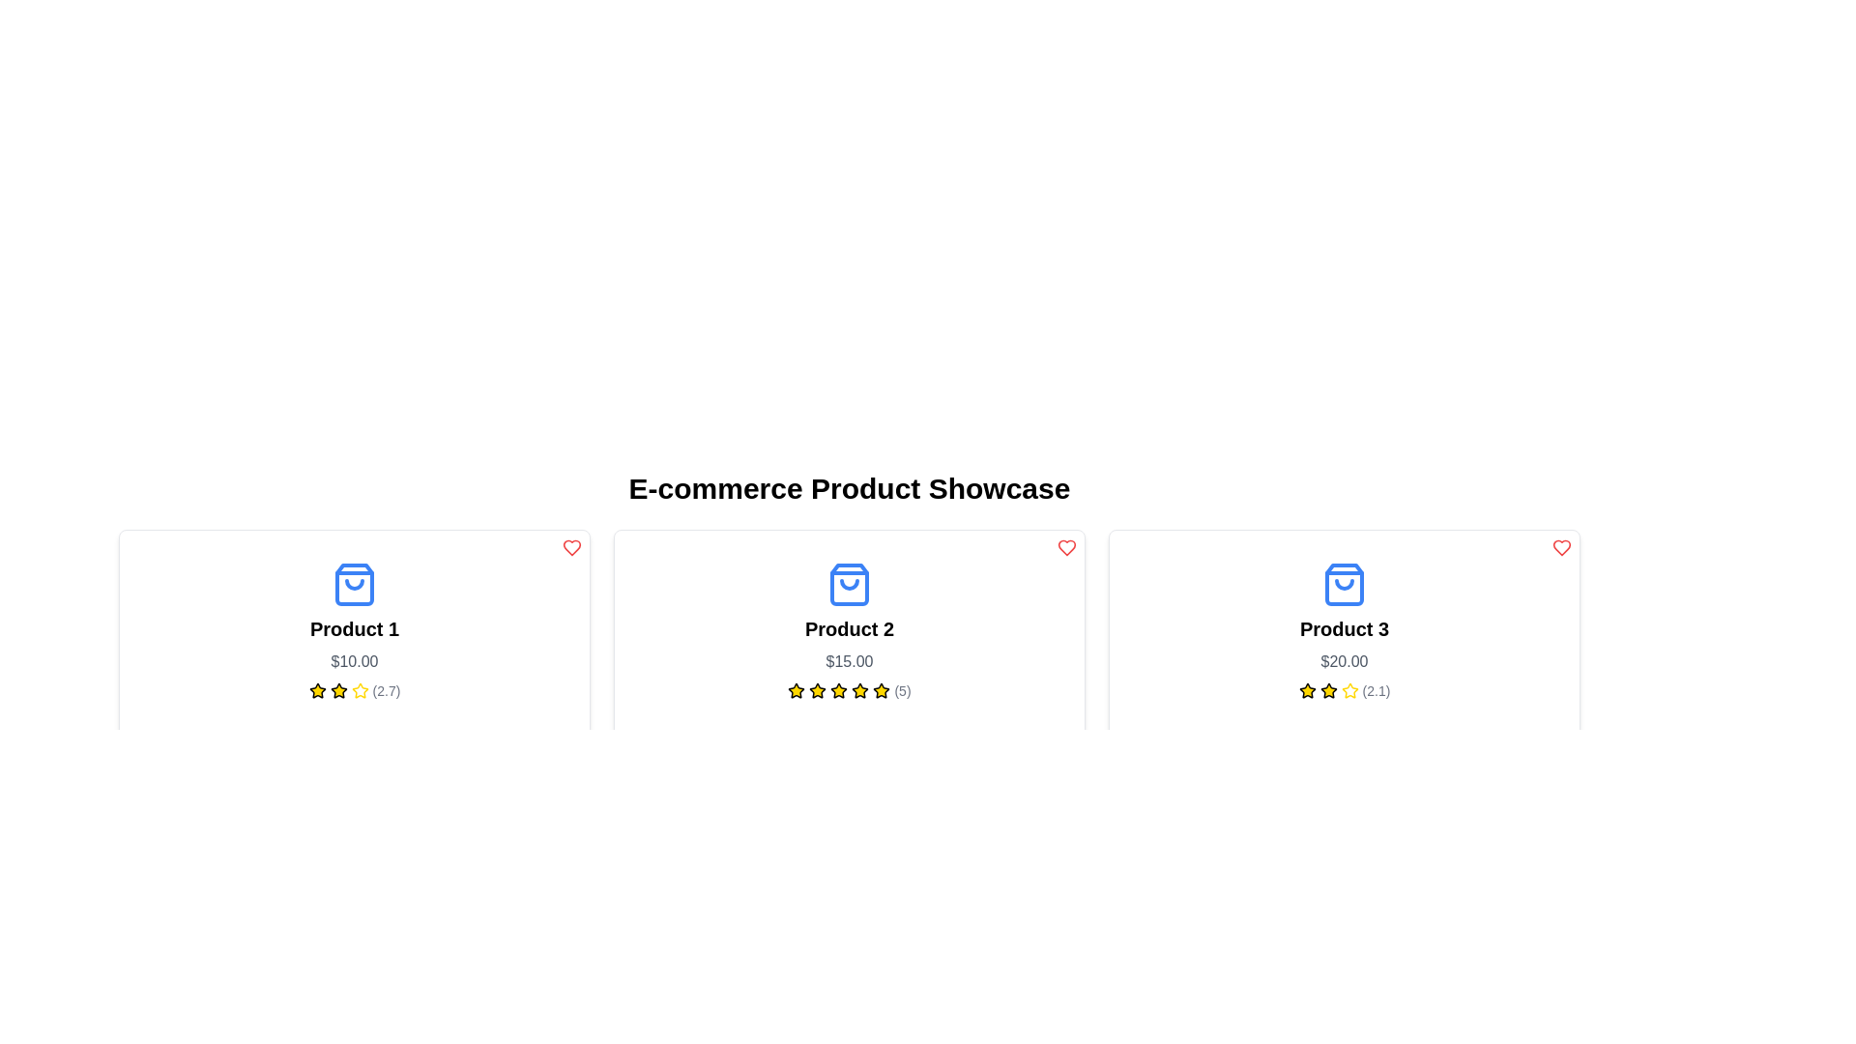 This screenshot has height=1044, width=1856. What do you see at coordinates (839, 689) in the screenshot?
I see `the fourth star rating icon for 'Product 2' to visually interpret its rating` at bounding box center [839, 689].